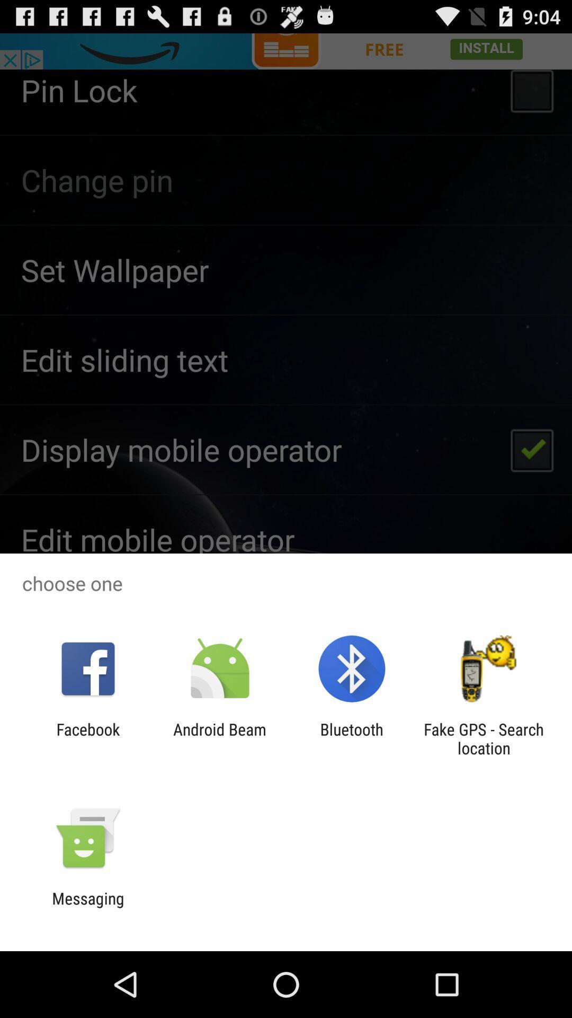  What do you see at coordinates (87, 907) in the screenshot?
I see `messaging` at bounding box center [87, 907].